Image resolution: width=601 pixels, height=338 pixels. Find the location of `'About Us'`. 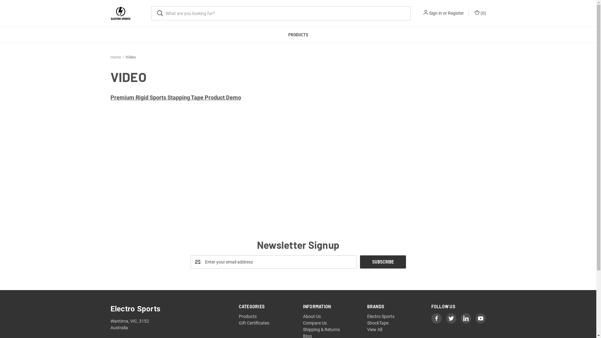

'About Us' is located at coordinates (312, 316).